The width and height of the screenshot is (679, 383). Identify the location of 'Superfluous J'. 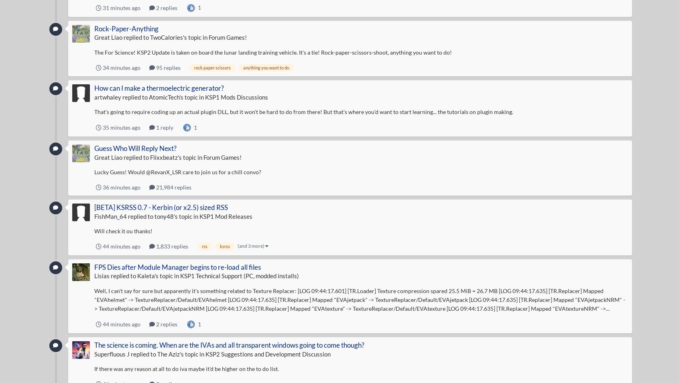
(111, 354).